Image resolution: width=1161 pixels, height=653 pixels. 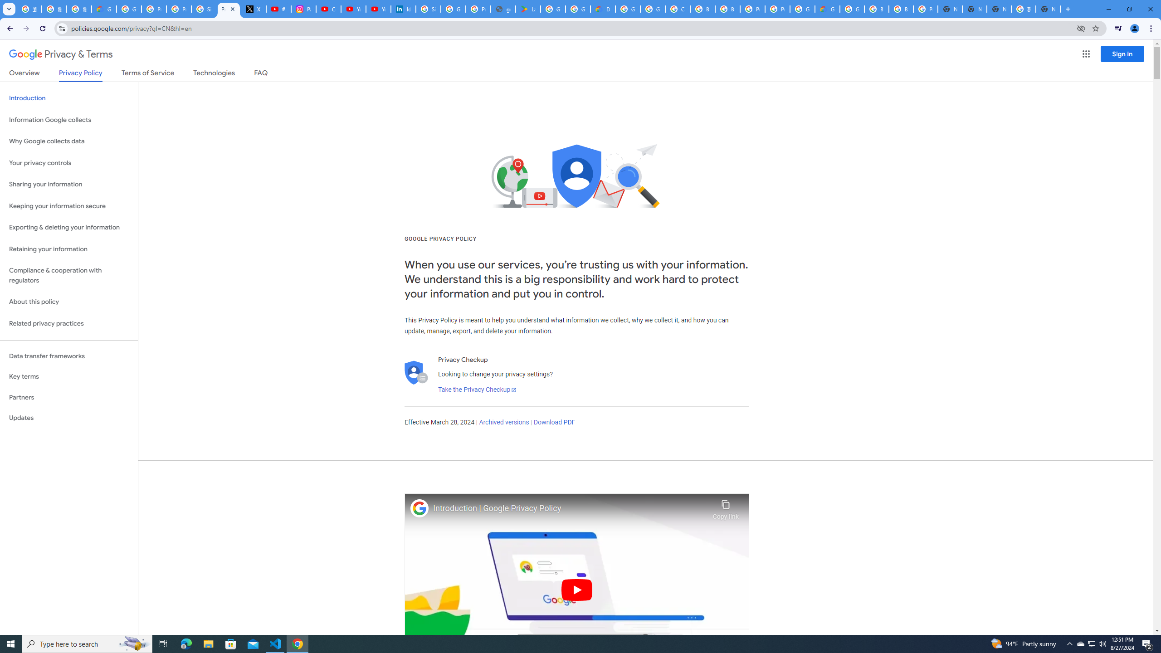 What do you see at coordinates (570, 508) in the screenshot?
I see `'Introduction | Google Privacy Policy'` at bounding box center [570, 508].